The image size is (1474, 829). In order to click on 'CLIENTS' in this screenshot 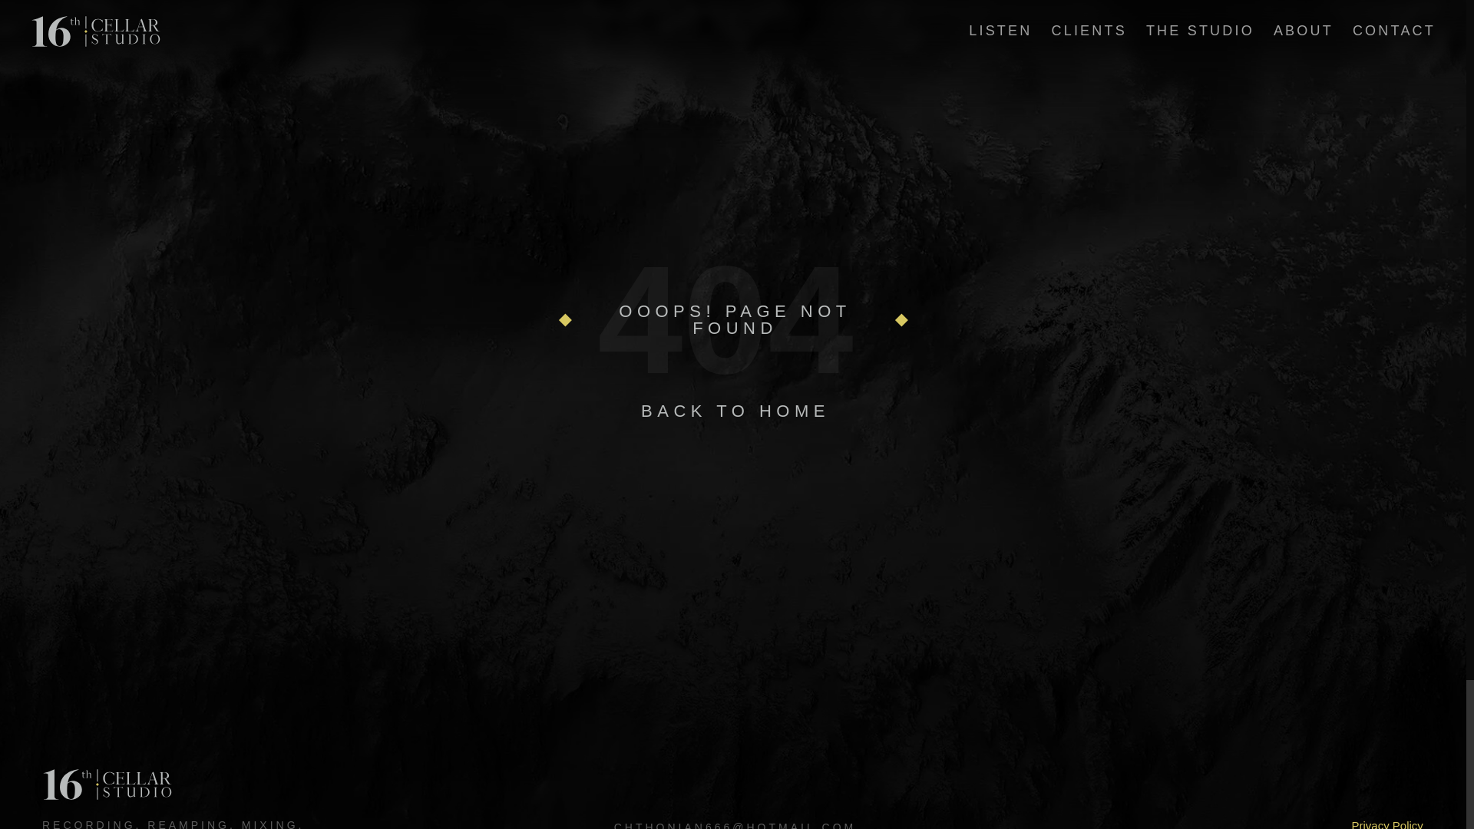, I will do `click(1087, 30)`.